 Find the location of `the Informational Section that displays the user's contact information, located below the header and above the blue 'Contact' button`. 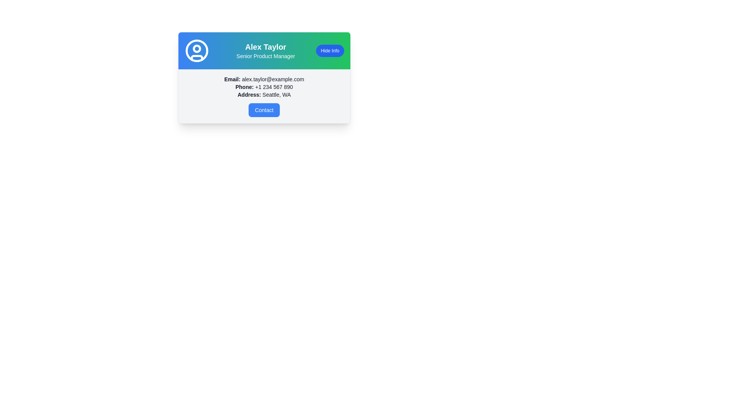

the Informational Section that displays the user's contact information, located below the header and above the blue 'Contact' button is located at coordinates (264, 96).